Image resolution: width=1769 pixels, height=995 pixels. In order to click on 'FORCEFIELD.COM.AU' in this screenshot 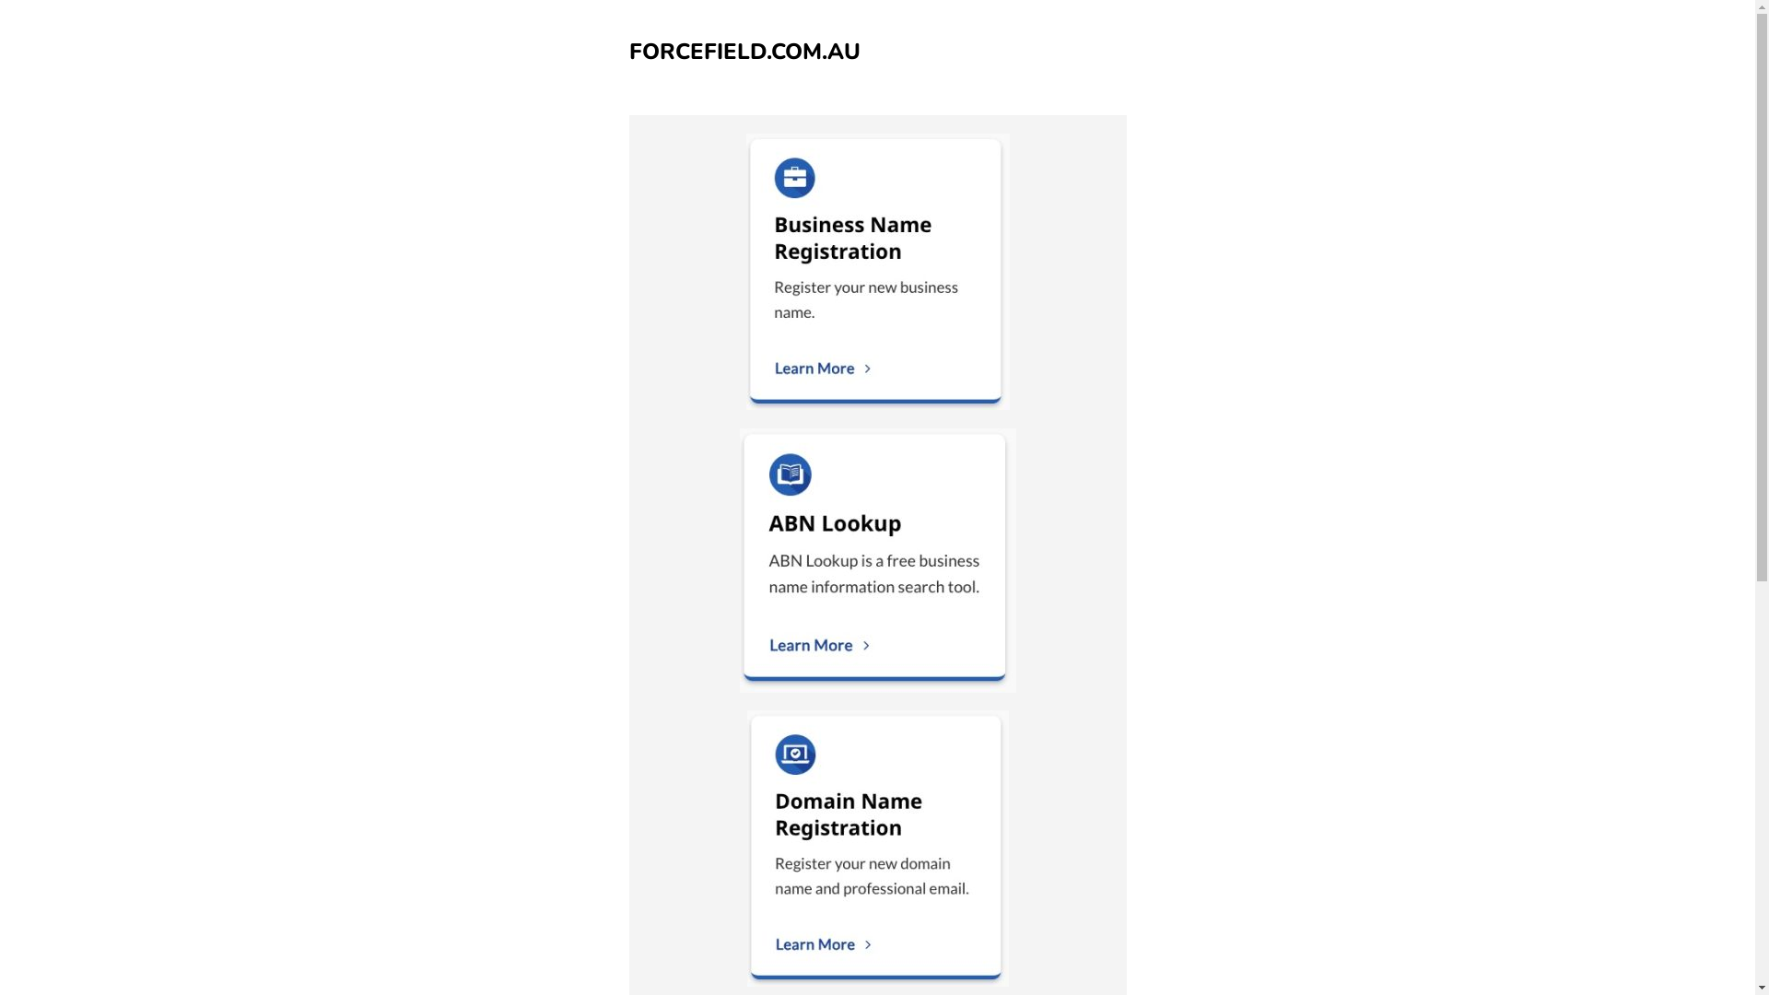, I will do `click(744, 51)`.